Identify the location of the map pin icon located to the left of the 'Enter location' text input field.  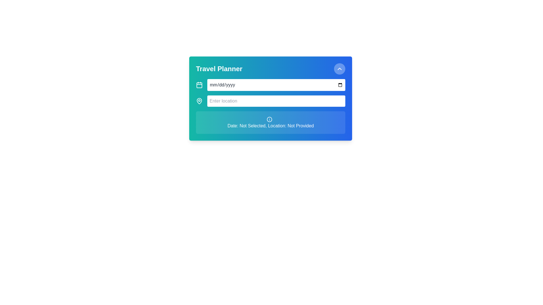
(199, 101).